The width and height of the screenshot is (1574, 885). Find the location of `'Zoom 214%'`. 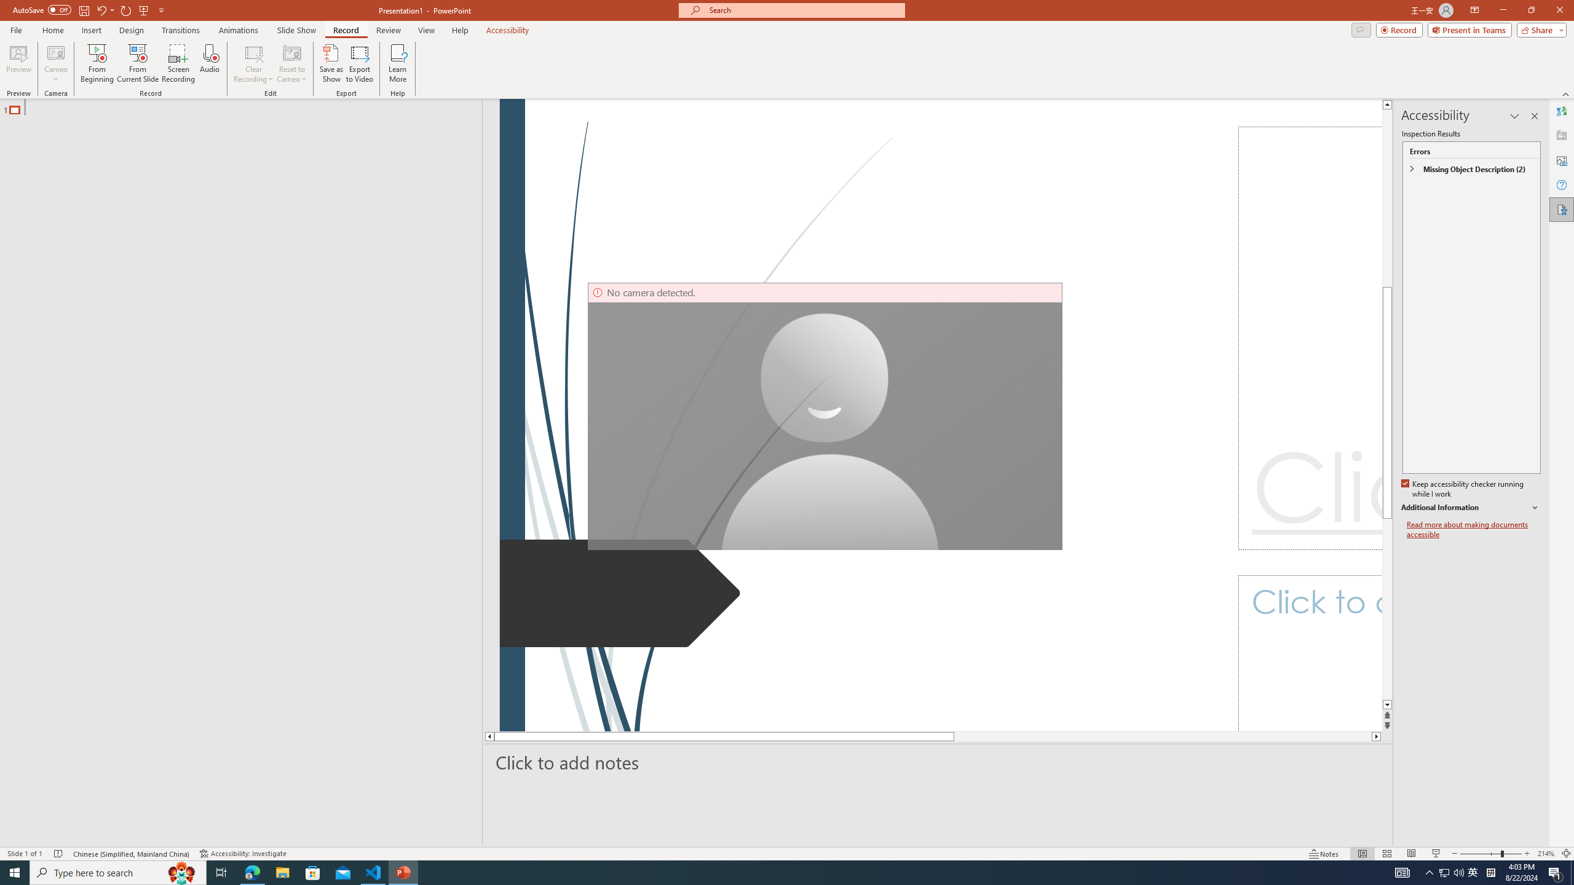

'Zoom 214%' is located at coordinates (1546, 854).